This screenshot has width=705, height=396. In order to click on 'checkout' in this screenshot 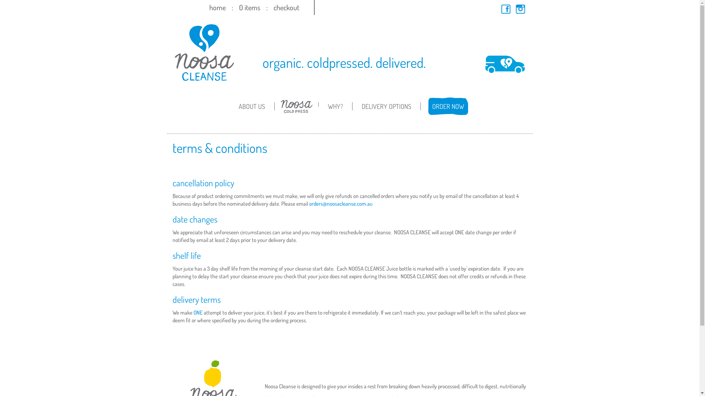, I will do `click(285, 7)`.